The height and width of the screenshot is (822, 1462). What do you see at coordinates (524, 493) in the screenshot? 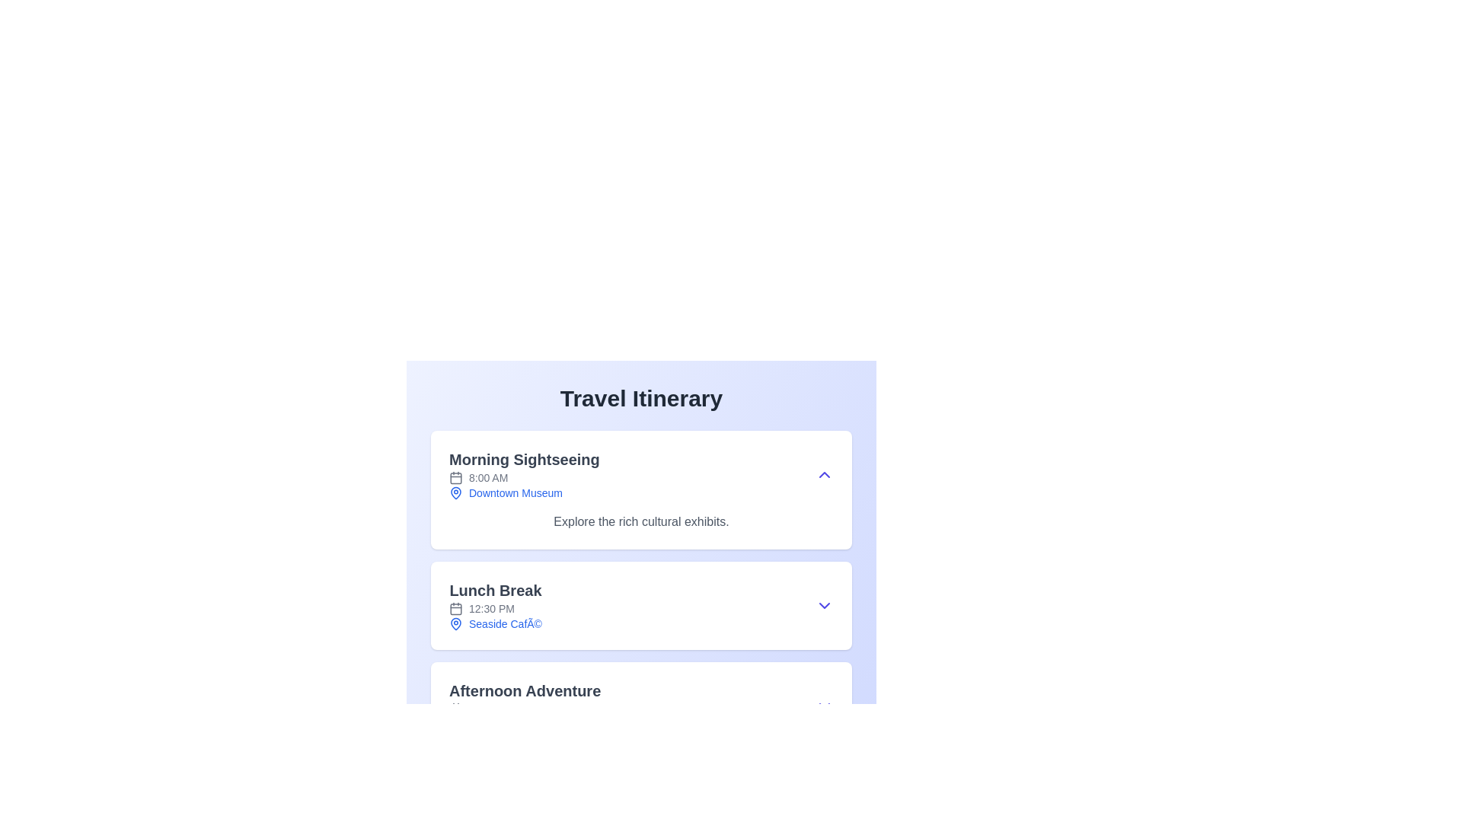
I see `'Downtown Museum' text element located at the bottom of the 'Morning Sightseeing' section for details` at bounding box center [524, 493].